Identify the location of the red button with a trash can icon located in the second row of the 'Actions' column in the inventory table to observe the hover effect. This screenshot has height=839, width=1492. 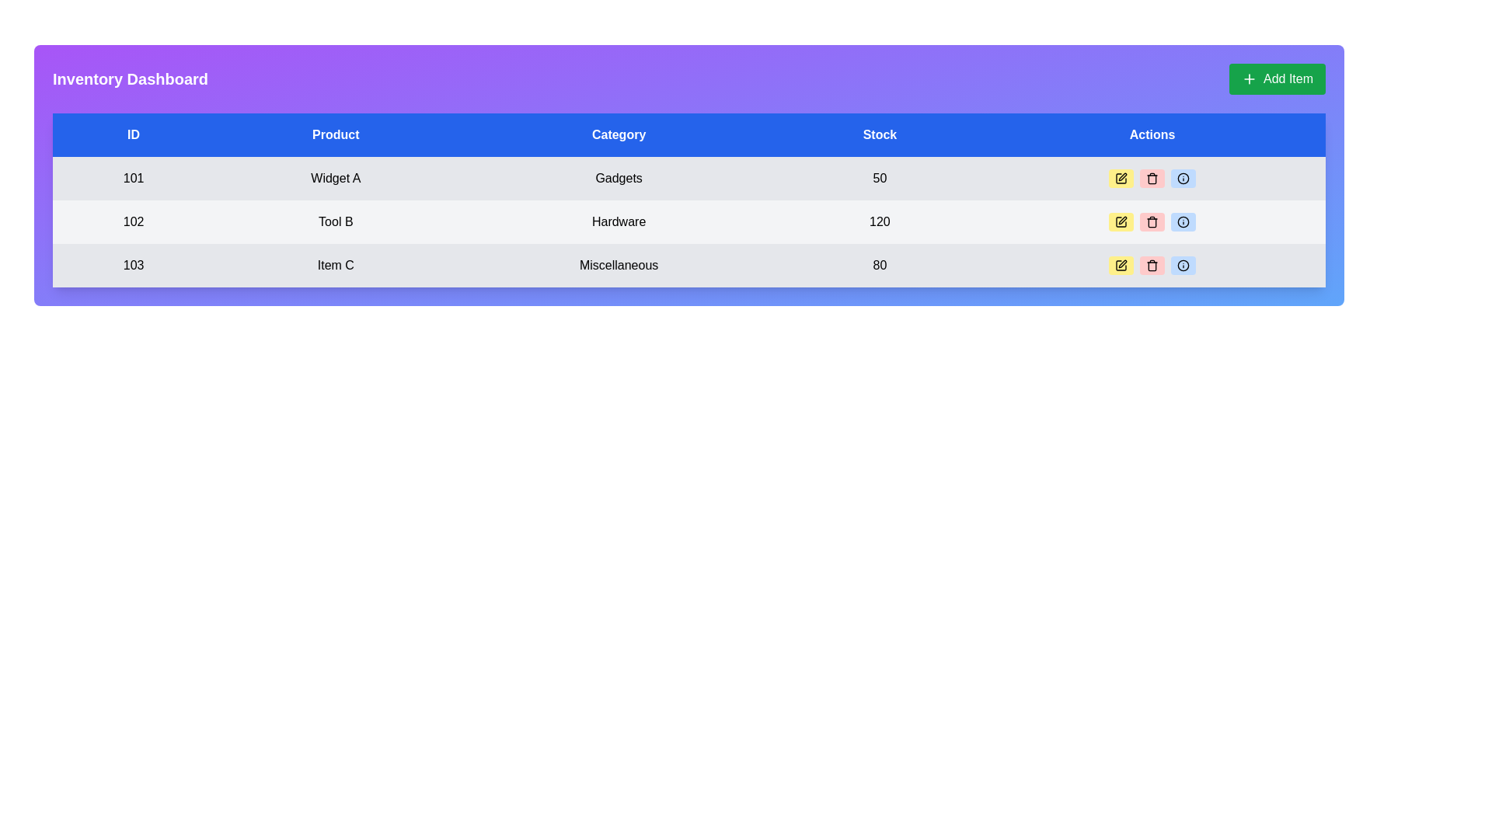
(1152, 221).